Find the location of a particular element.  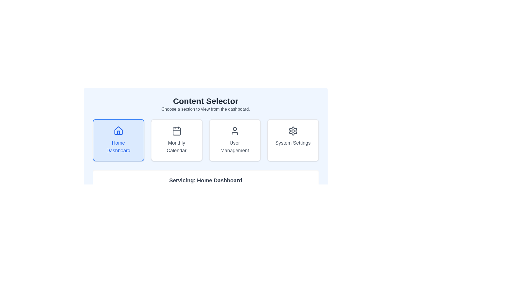

the 'Home Dashboard' button, which is a rectangular card with a light blue background and a blue border, featuring a house icon and the text 'Home Dashboard', located in the leftmost position of the grid is located at coordinates (118, 140).